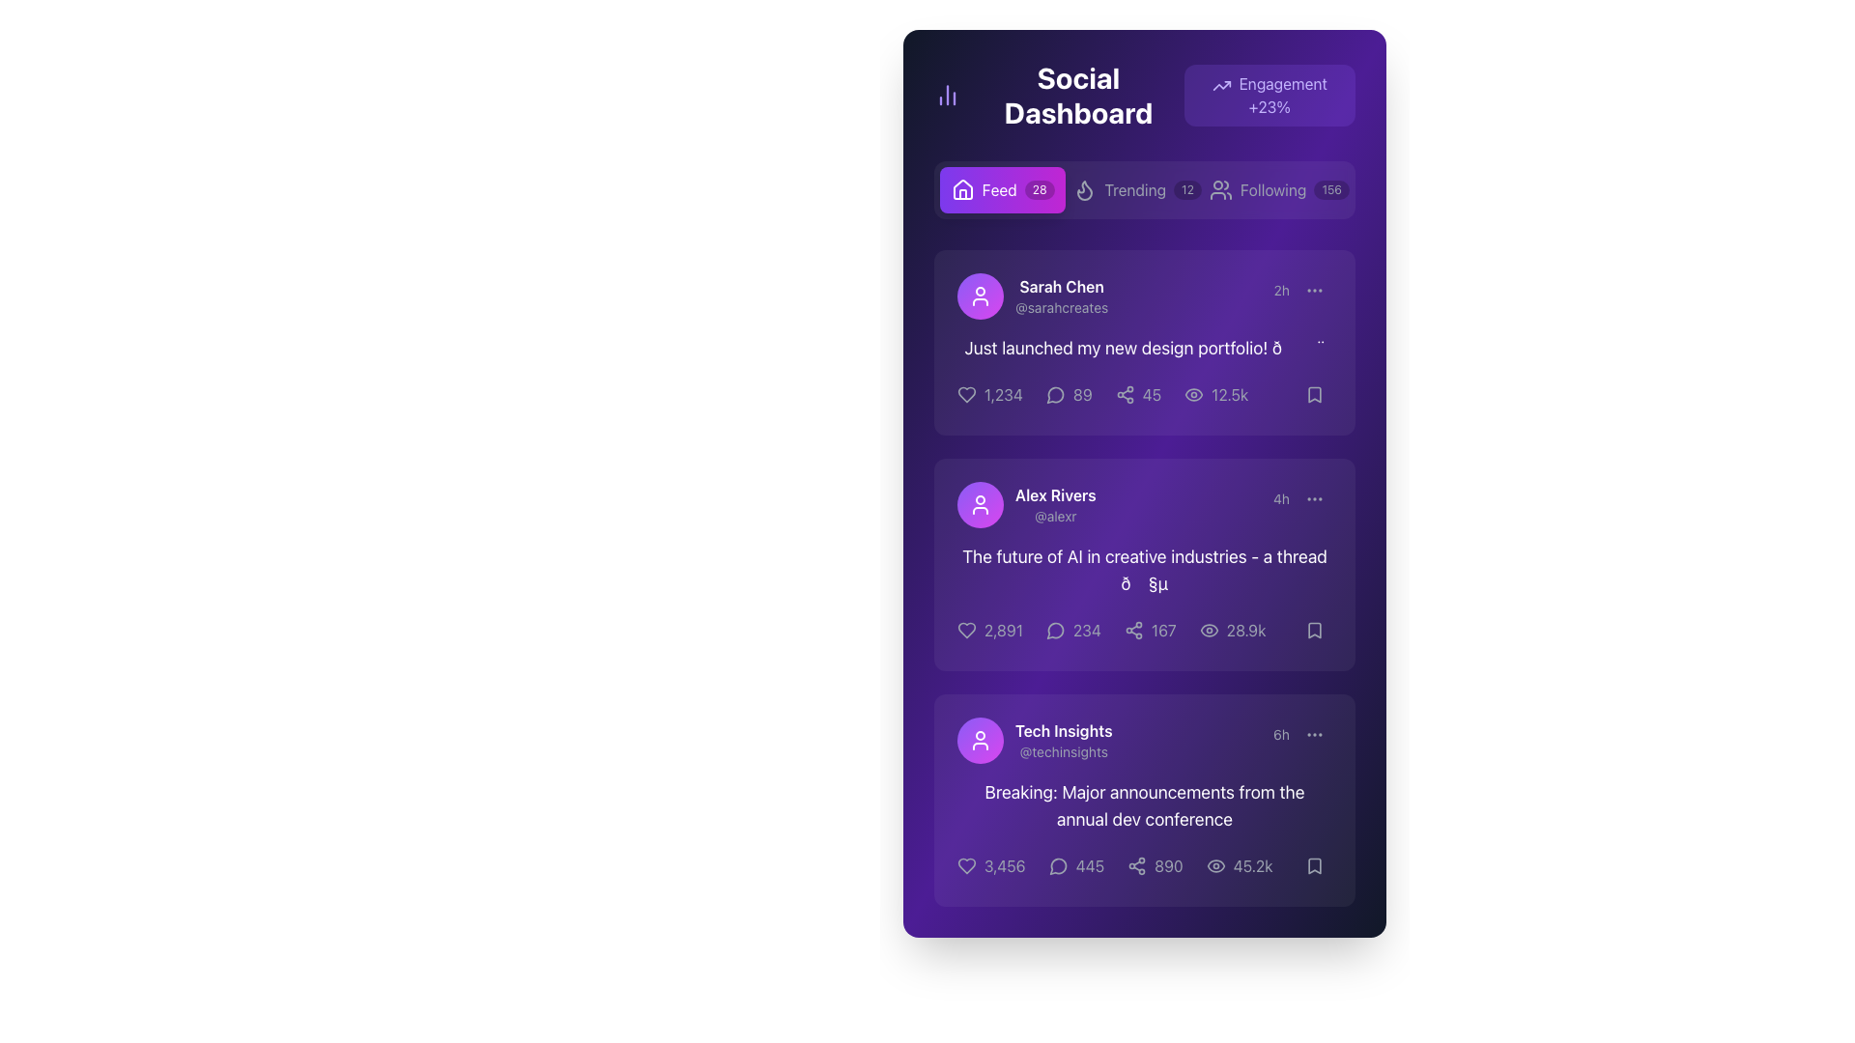 The height and width of the screenshot is (1043, 1855). I want to click on the bookmark icon, so click(1314, 865).